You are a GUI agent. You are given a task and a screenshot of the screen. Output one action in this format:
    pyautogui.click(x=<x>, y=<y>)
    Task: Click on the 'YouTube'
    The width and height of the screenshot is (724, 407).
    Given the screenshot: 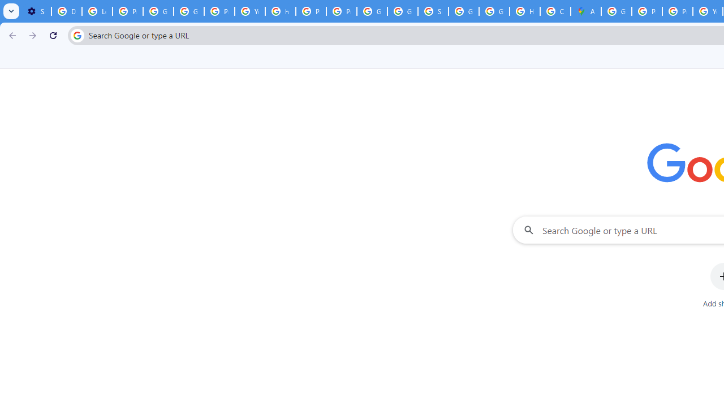 What is the action you would take?
    pyautogui.click(x=249, y=11)
    